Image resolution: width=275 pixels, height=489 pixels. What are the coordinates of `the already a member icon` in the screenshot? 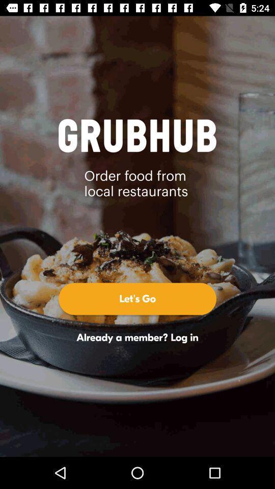 It's located at (137, 337).